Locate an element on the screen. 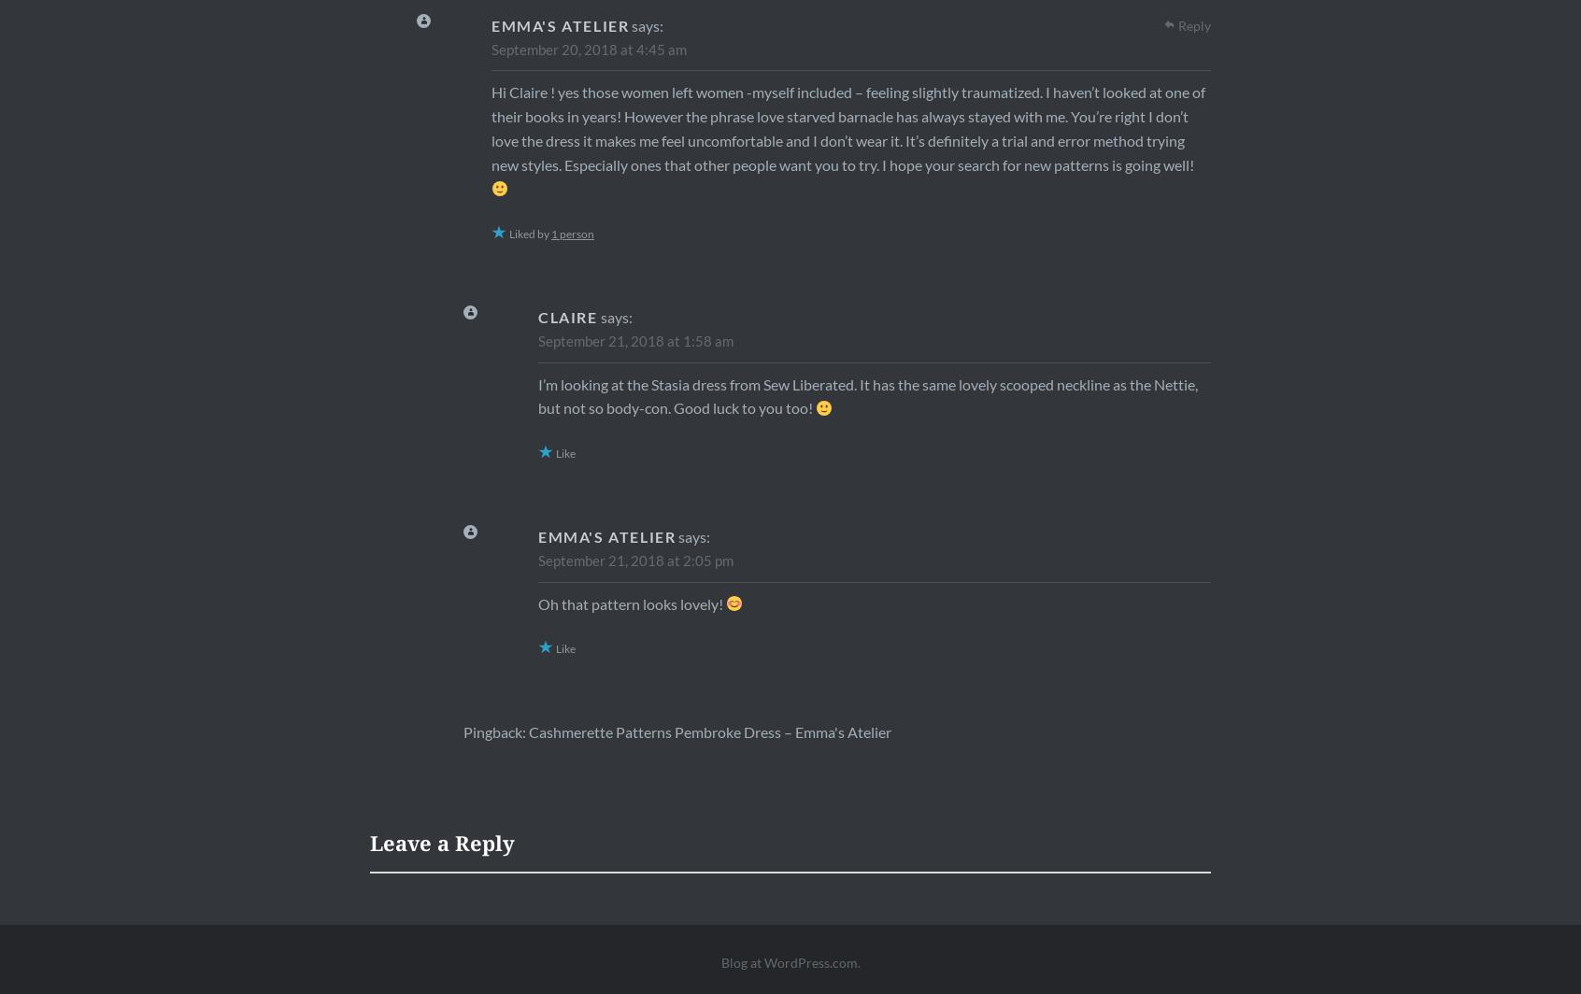 This screenshot has height=994, width=1581. 'Cashmerette Patterns Pembroke Dress – Emma's Atelier' is located at coordinates (709, 731).